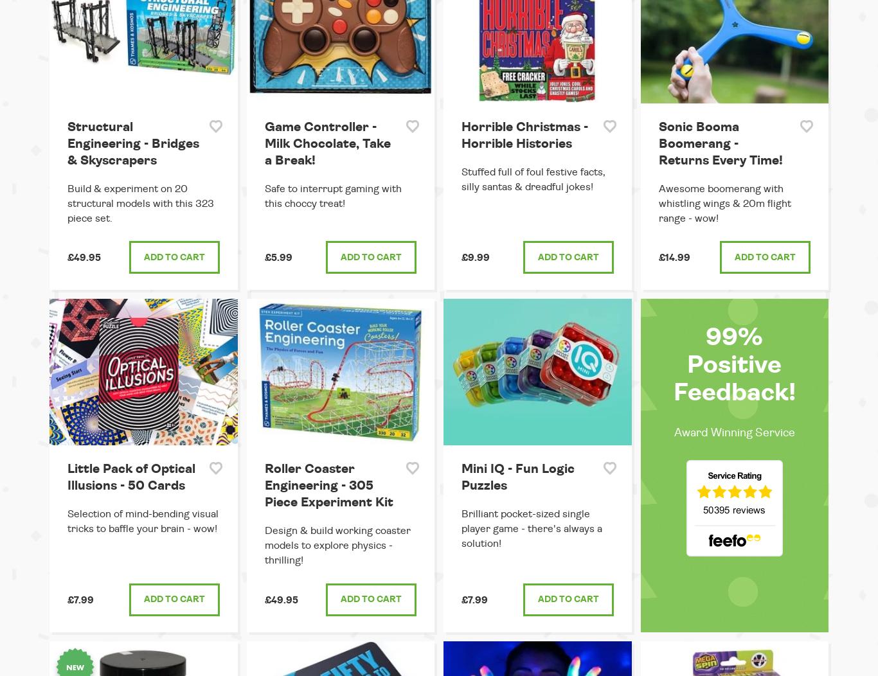  What do you see at coordinates (337, 544) in the screenshot?
I see `'Design & build working coaster models to explore physics - thrilling!'` at bounding box center [337, 544].